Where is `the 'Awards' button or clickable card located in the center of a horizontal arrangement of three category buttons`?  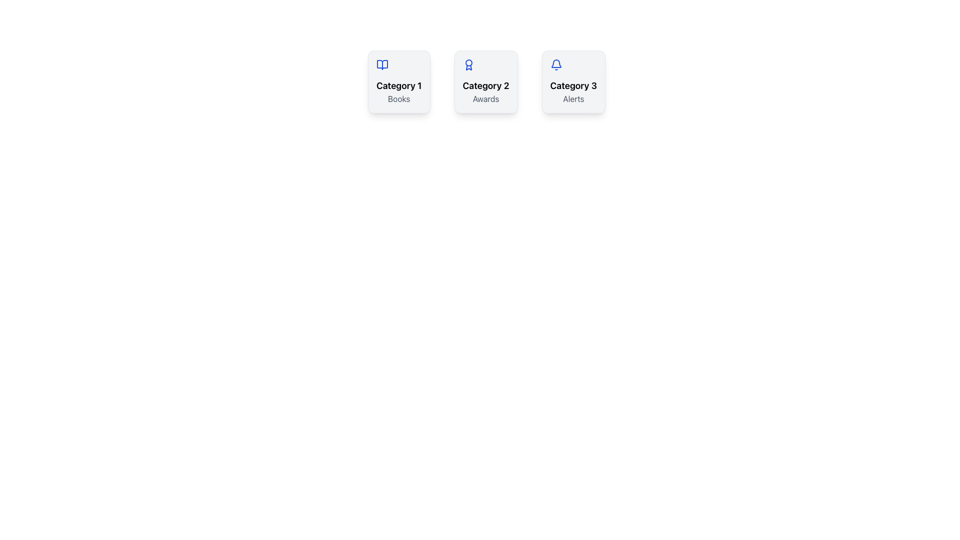
the 'Awards' button or clickable card located in the center of a horizontal arrangement of three category buttons is located at coordinates (486, 81).